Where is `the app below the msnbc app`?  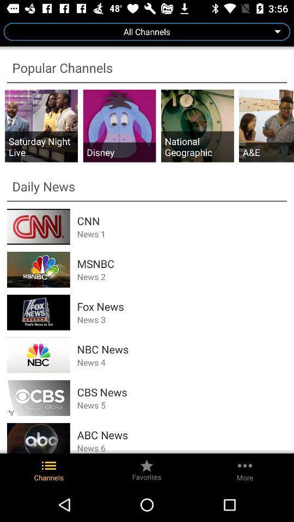 the app below the msnbc app is located at coordinates (182, 276).